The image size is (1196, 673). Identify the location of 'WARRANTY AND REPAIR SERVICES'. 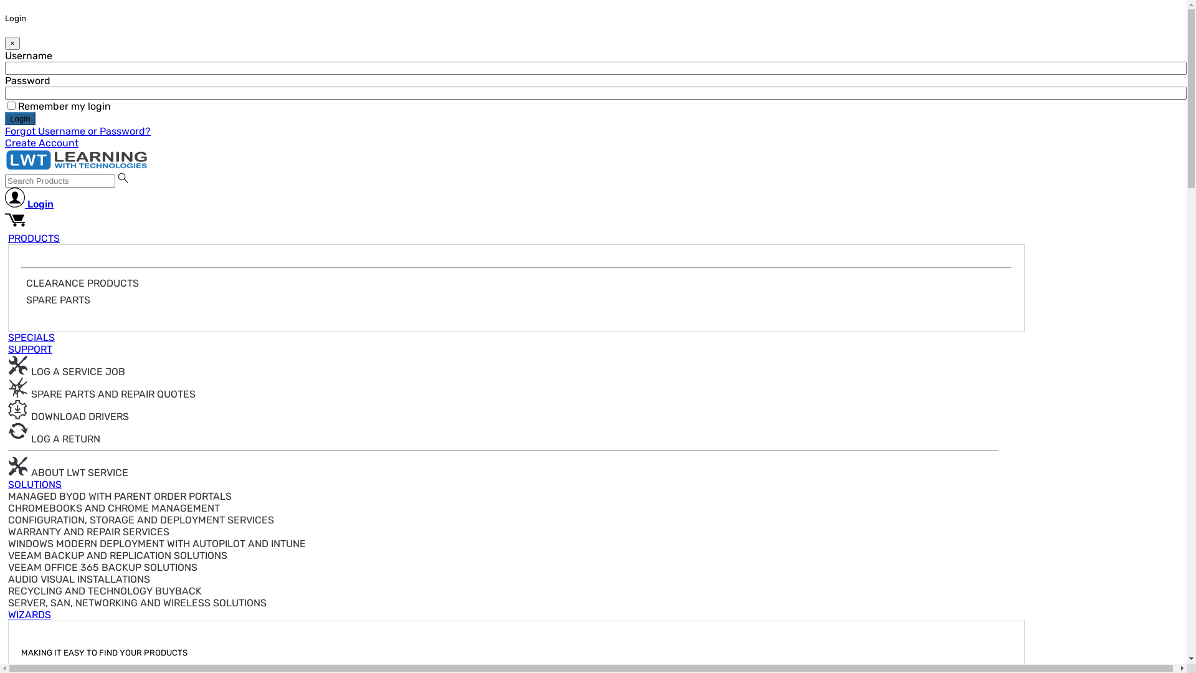
(88, 532).